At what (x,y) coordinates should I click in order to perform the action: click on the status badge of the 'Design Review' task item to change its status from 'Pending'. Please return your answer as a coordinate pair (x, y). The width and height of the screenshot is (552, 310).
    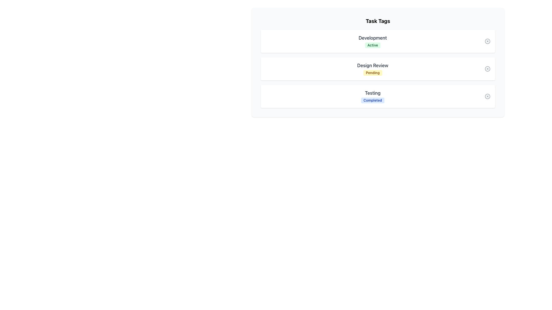
    Looking at the image, I should click on (378, 68).